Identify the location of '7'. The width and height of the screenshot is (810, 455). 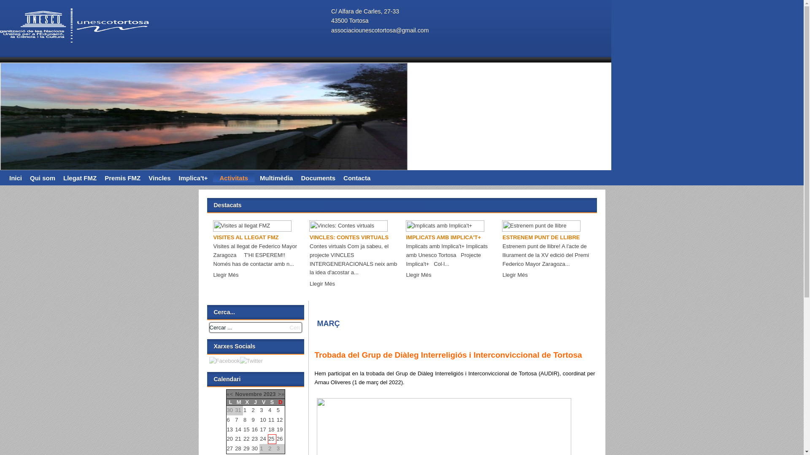
(236, 420).